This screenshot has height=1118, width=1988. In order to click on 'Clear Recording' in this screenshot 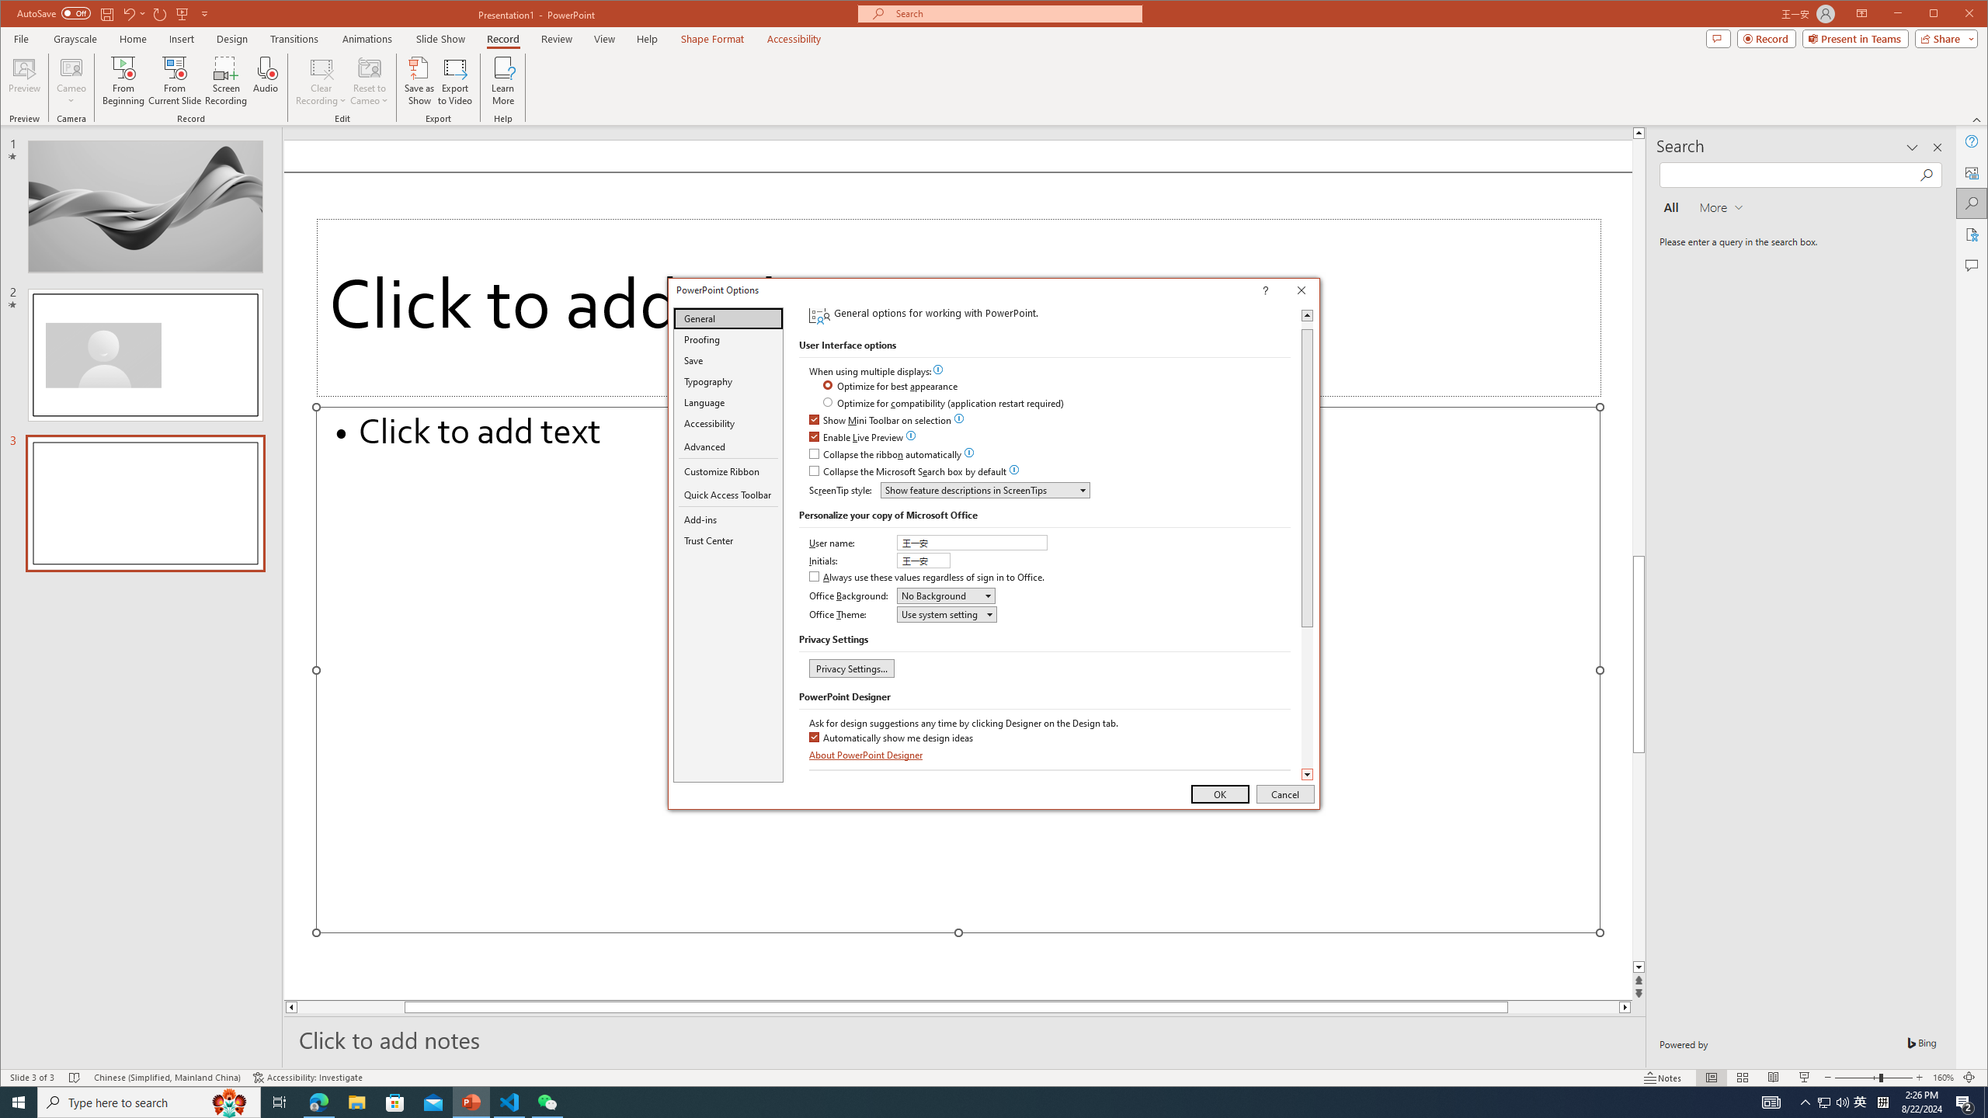, I will do `click(320, 80)`.